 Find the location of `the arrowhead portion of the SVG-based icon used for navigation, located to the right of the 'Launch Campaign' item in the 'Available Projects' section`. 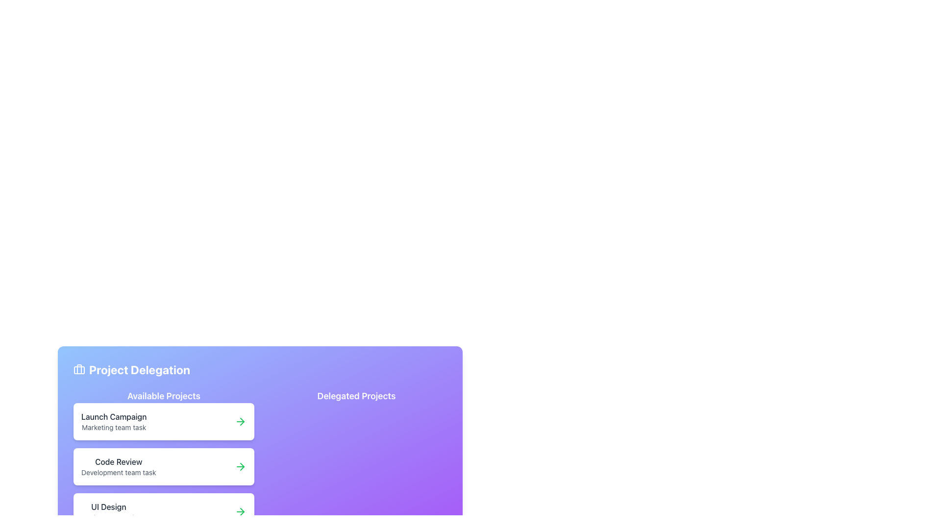

the arrowhead portion of the SVG-based icon used for navigation, located to the right of the 'Launch Campaign' item in the 'Available Projects' section is located at coordinates (242, 466).